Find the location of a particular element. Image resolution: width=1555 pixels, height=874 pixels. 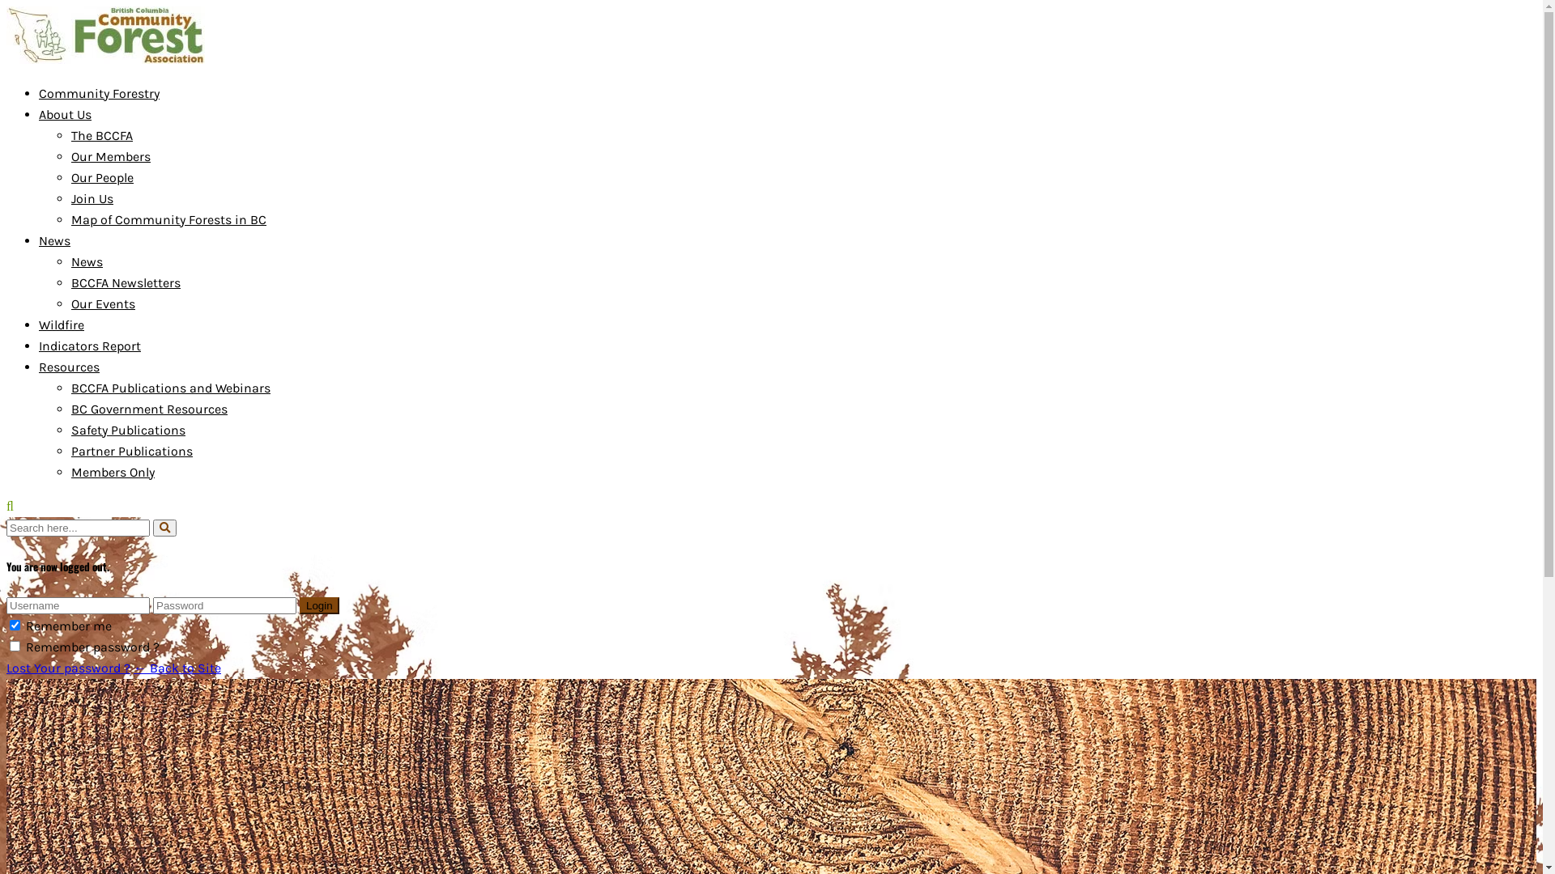

'BCCFA Publications and Webinars' is located at coordinates (171, 388).